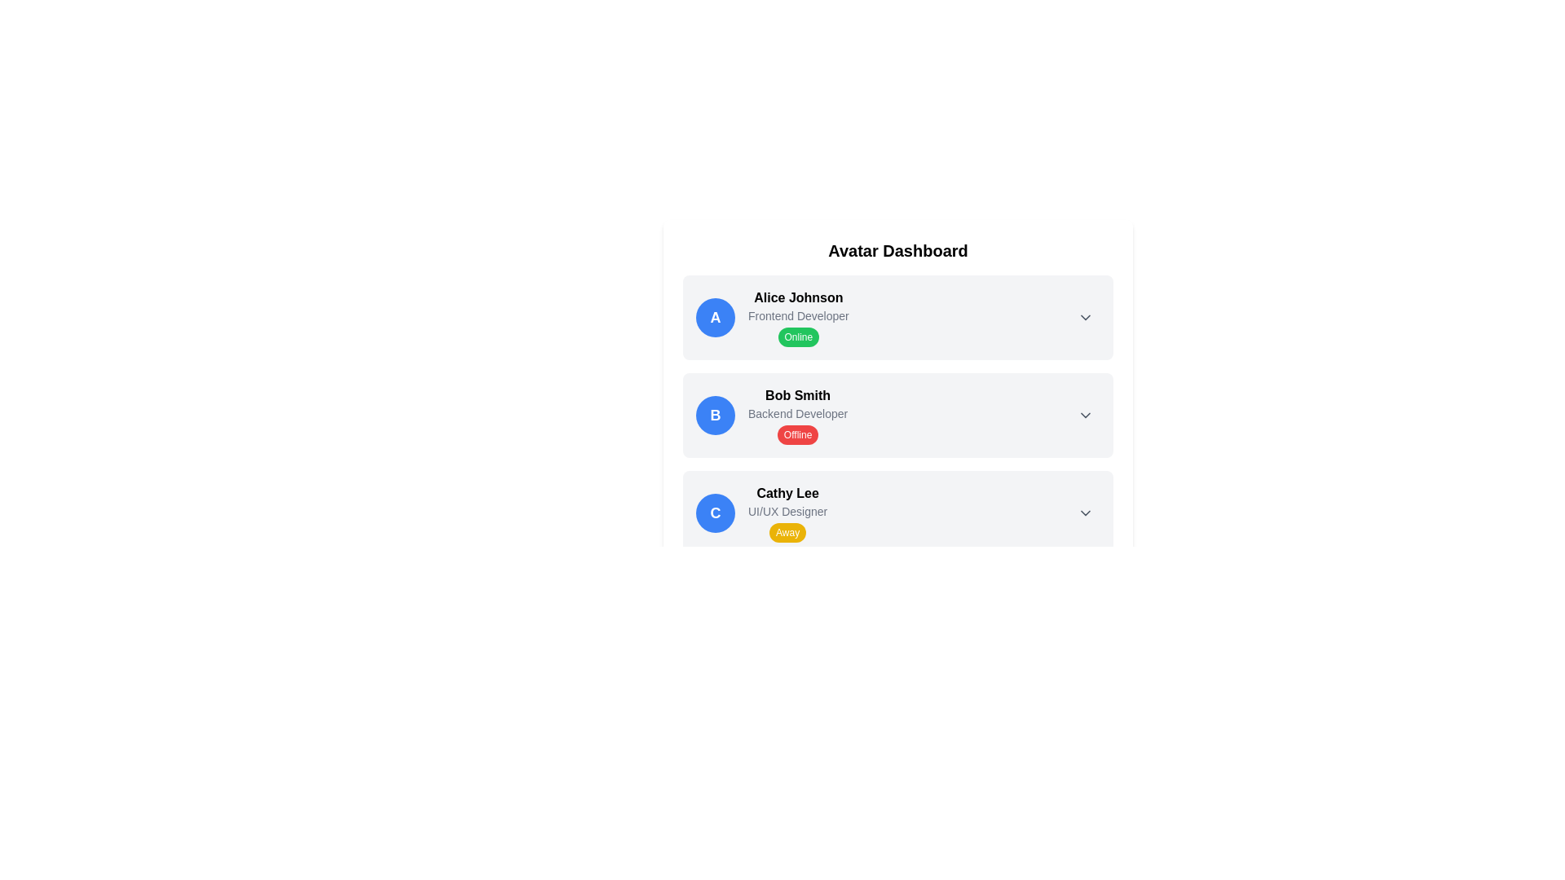  I want to click on the toggle button located at the far right edge of the 'Cathy Lee, UI/UX Designer, Away' section, so click(1085, 512).